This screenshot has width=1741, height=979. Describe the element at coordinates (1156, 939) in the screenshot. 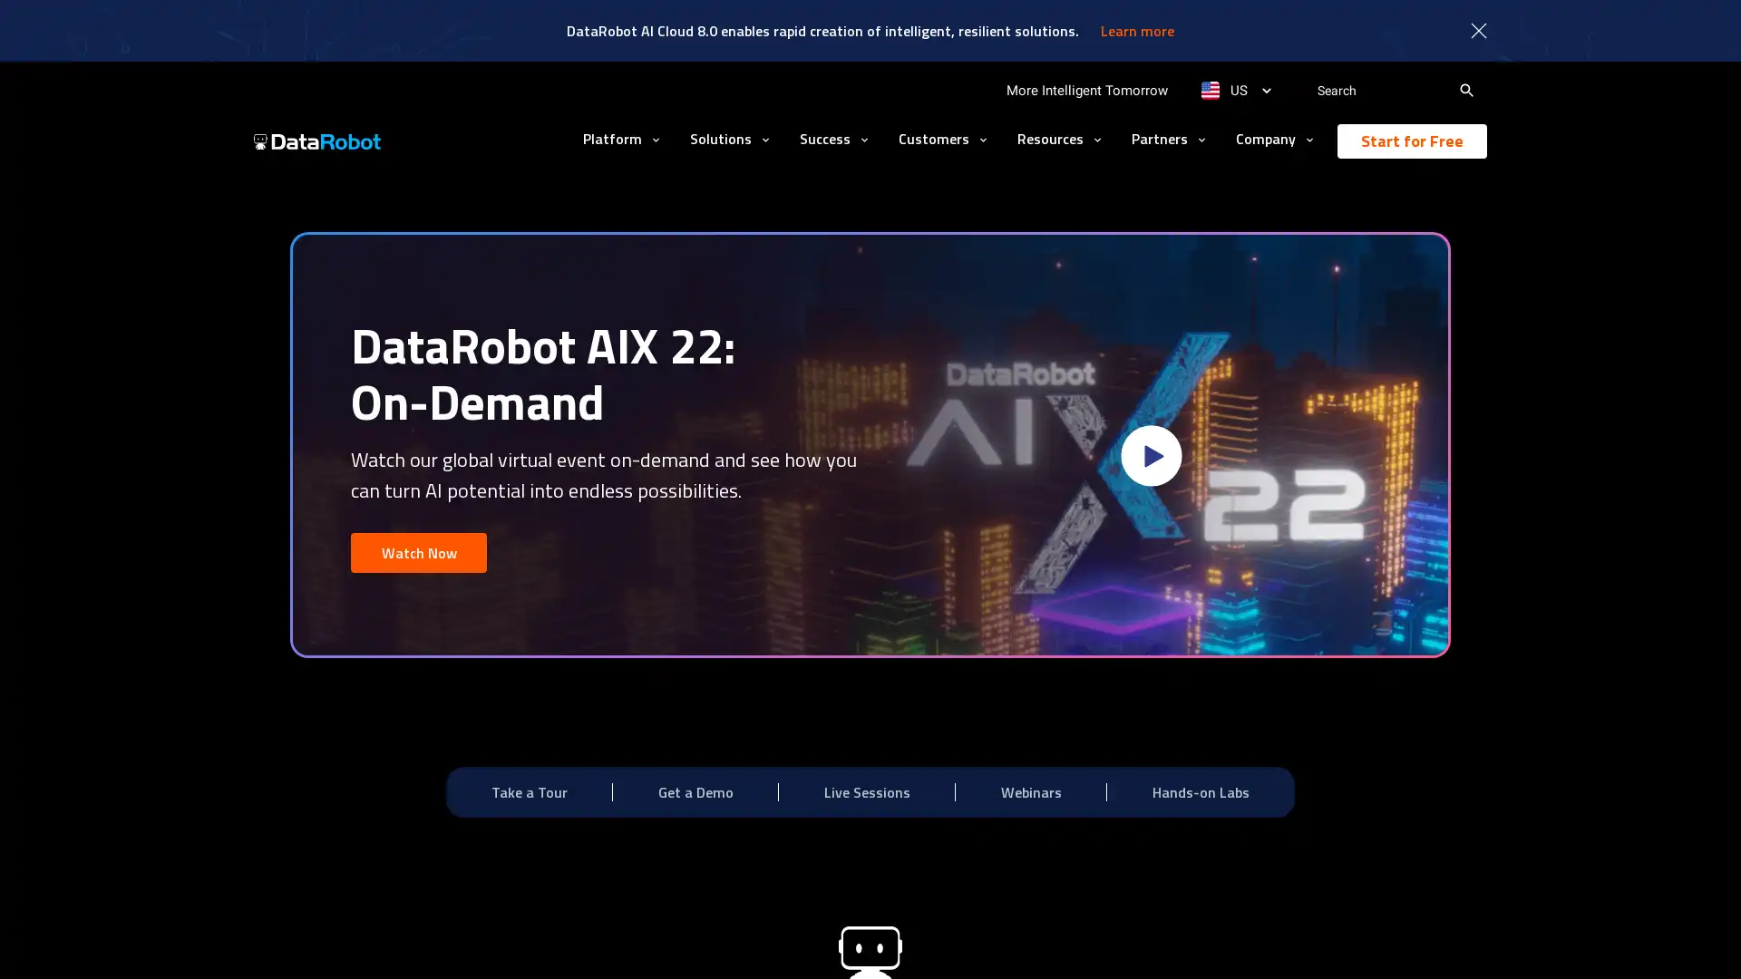

I see `Cookie Settings` at that location.